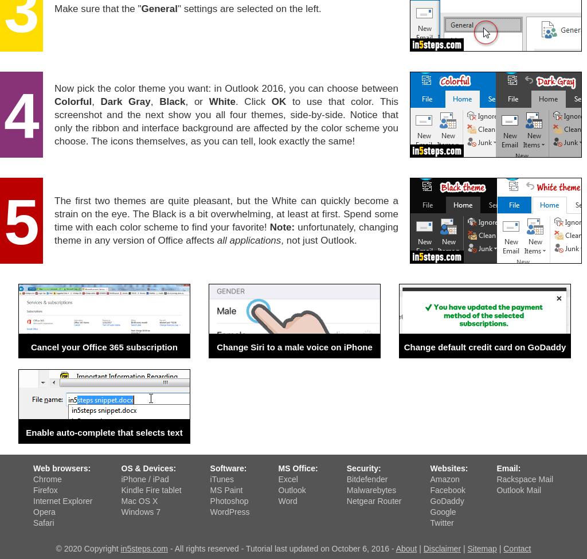 The image size is (587, 559). I want to click on 'Kindle Fire tablet', so click(151, 490).